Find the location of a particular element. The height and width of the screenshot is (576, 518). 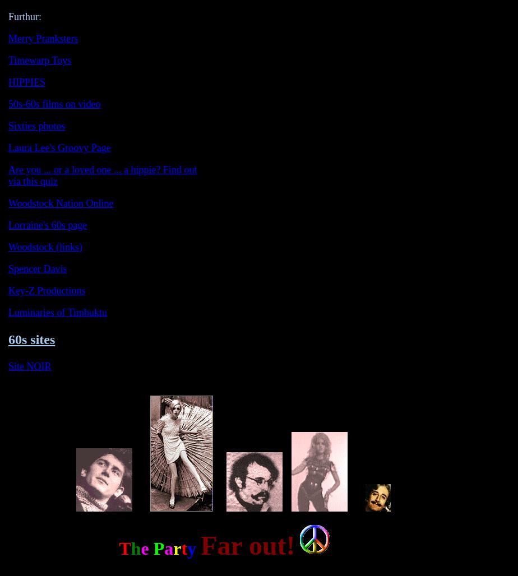

'Key-Z Productions' is located at coordinates (47, 291).